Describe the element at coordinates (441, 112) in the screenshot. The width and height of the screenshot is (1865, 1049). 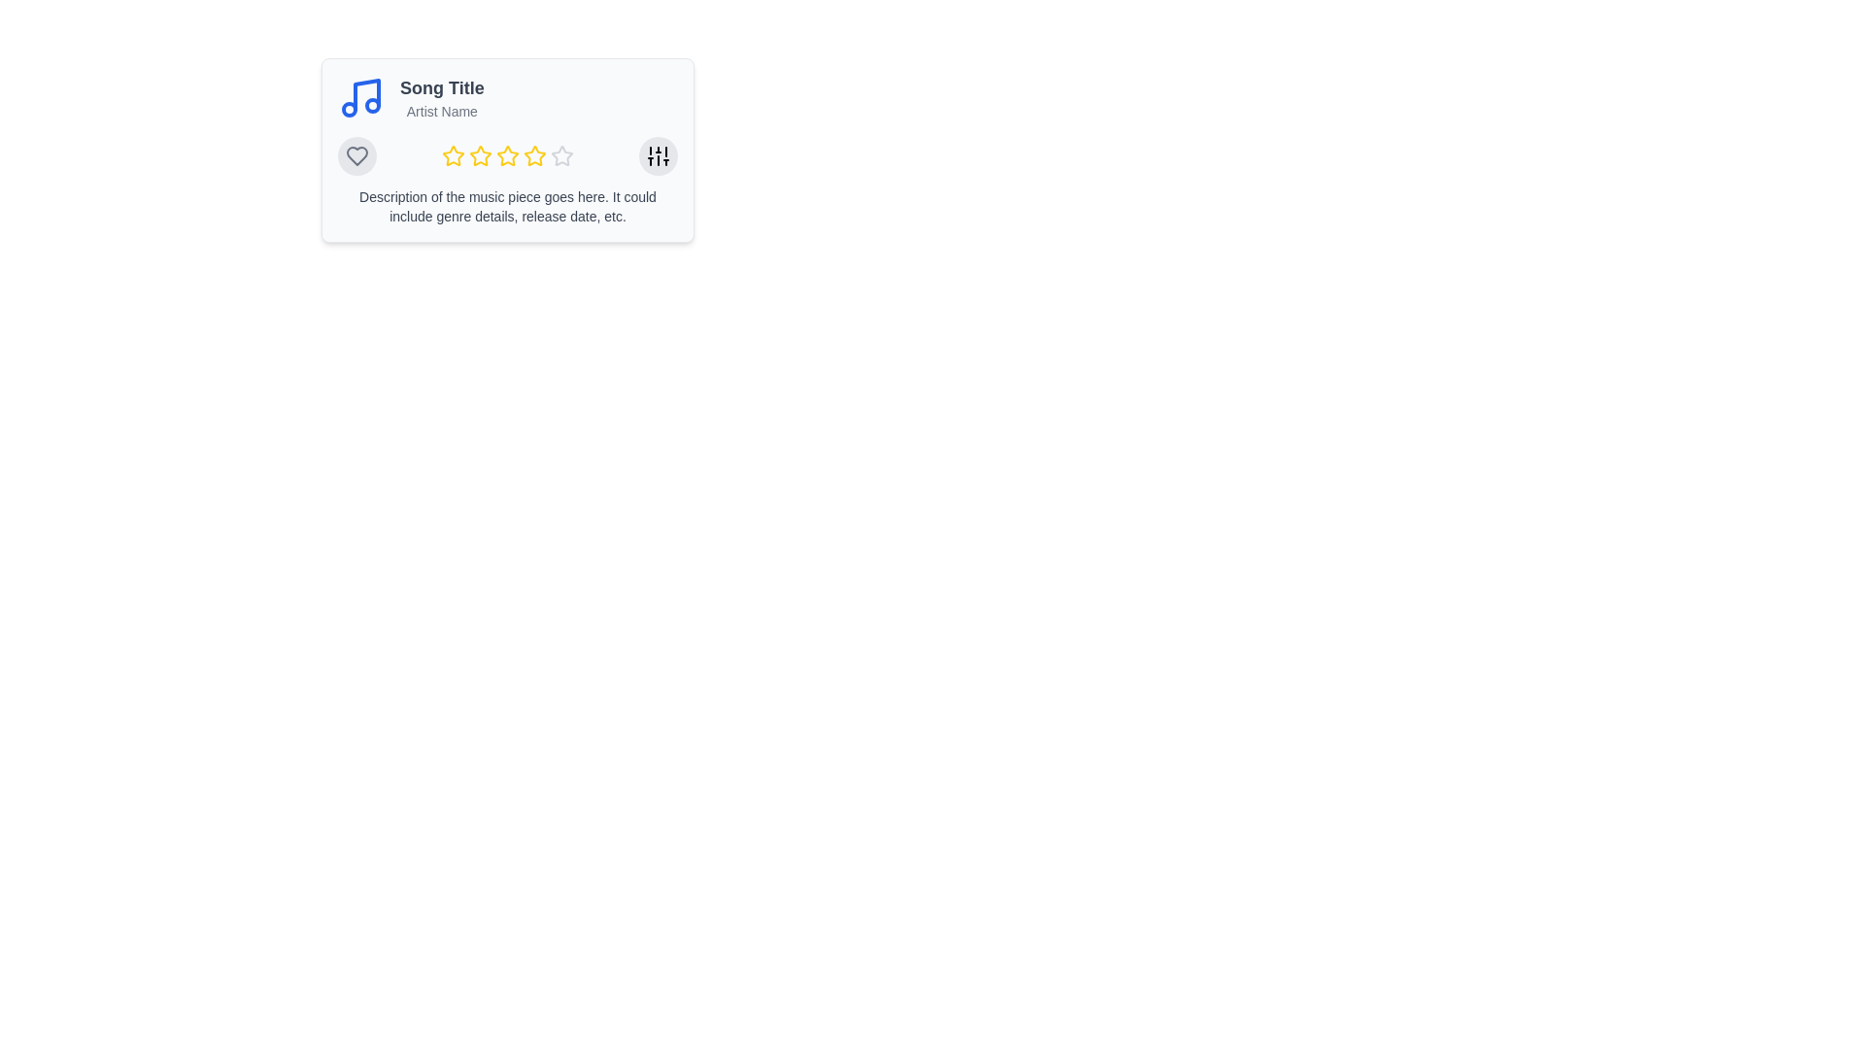
I see `the Label displaying the artist's name located beneath the 'Song Title' text in the card layout` at that location.